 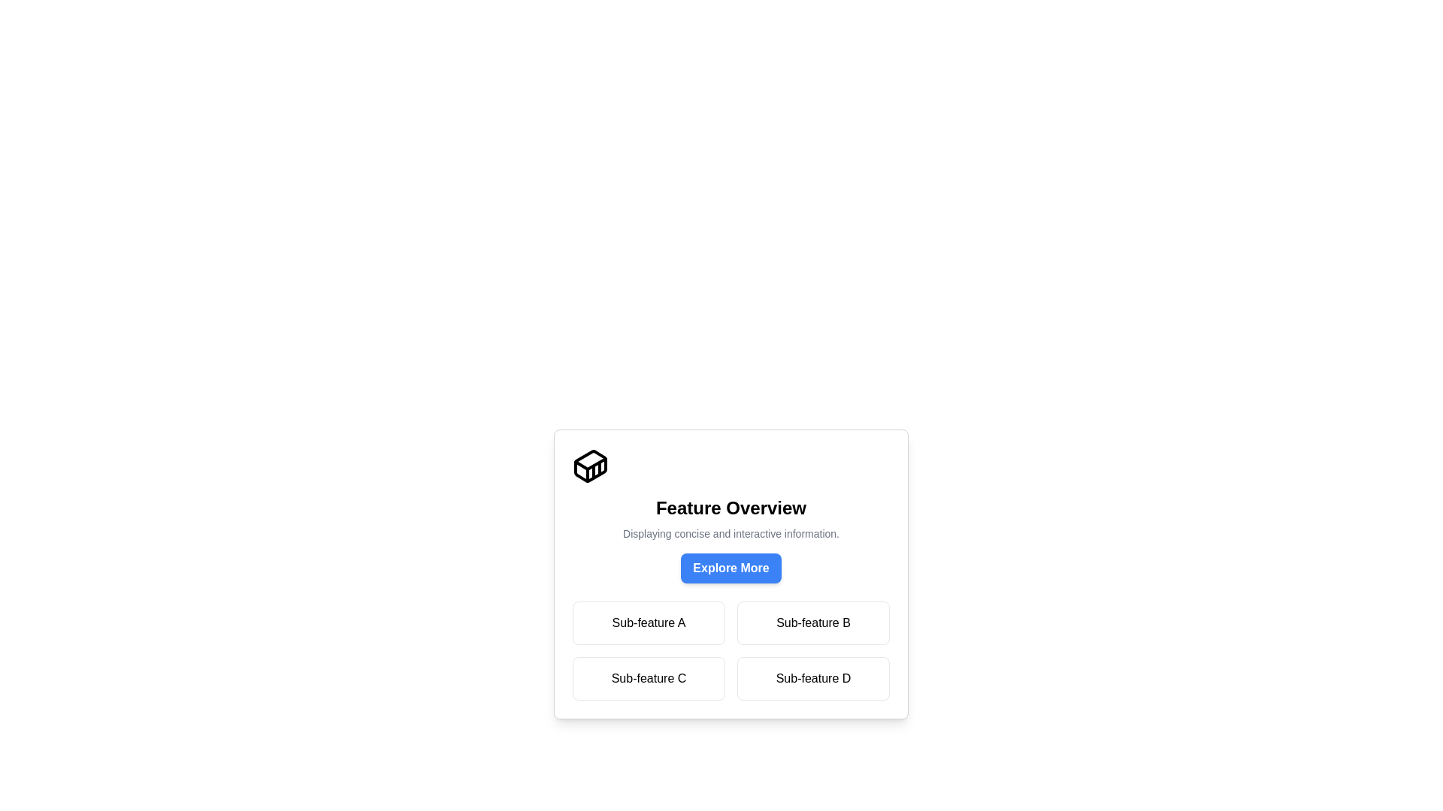 I want to click on the button labeled 'Sub-feature A', which is a rectangular button with rounded corners located in the top-left corner of a grid of buttons, so click(x=649, y=623).